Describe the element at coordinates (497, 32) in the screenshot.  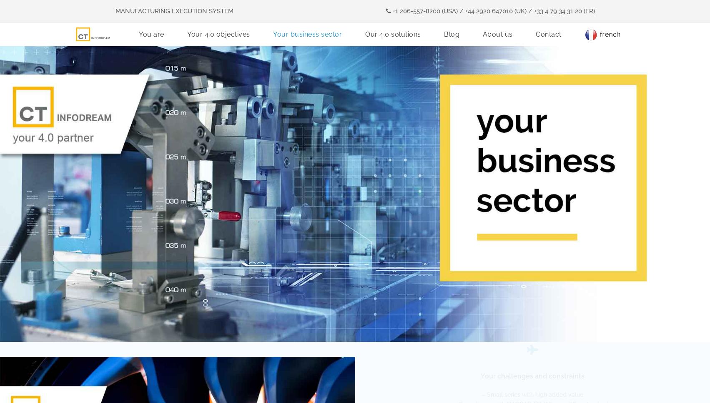
I see `'About us'` at that location.